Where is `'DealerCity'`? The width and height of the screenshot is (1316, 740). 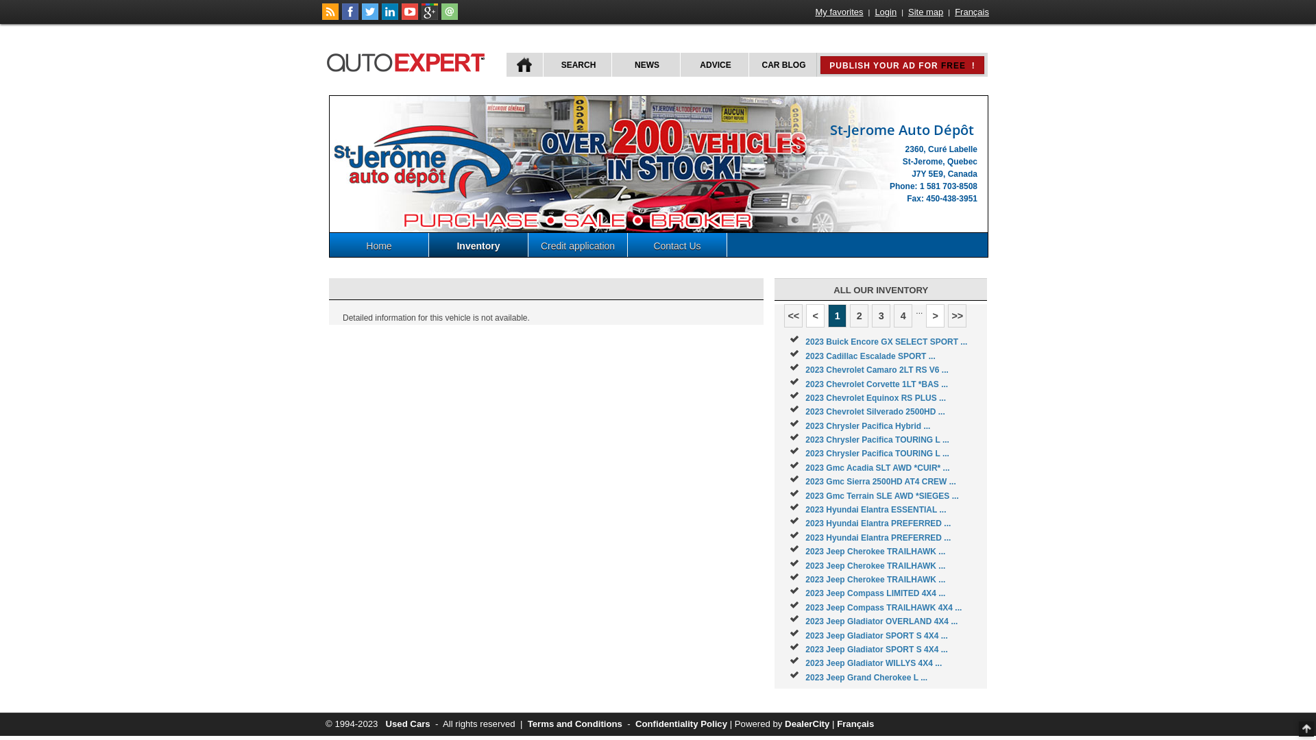
'DealerCity' is located at coordinates (785, 723).